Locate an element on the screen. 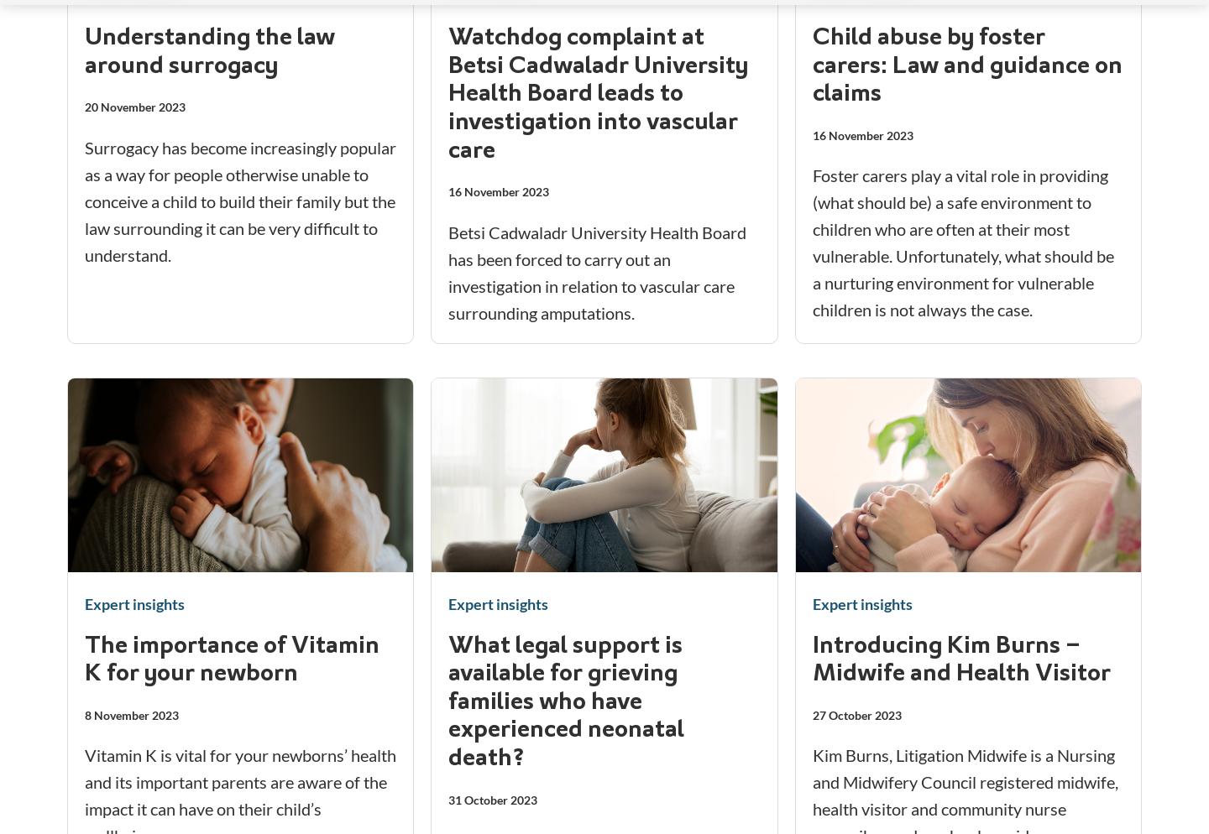  'Introducing Kim Burns – Midwife and Health Visitor' is located at coordinates (810, 660).